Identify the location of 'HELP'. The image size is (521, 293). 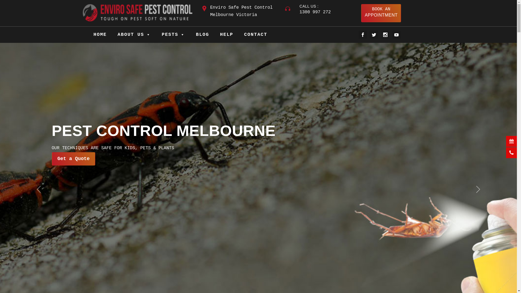
(227, 34).